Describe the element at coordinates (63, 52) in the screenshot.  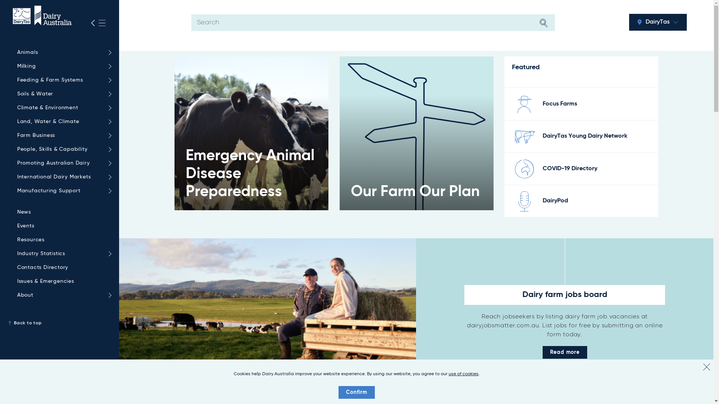
I see `'Animals'` at that location.